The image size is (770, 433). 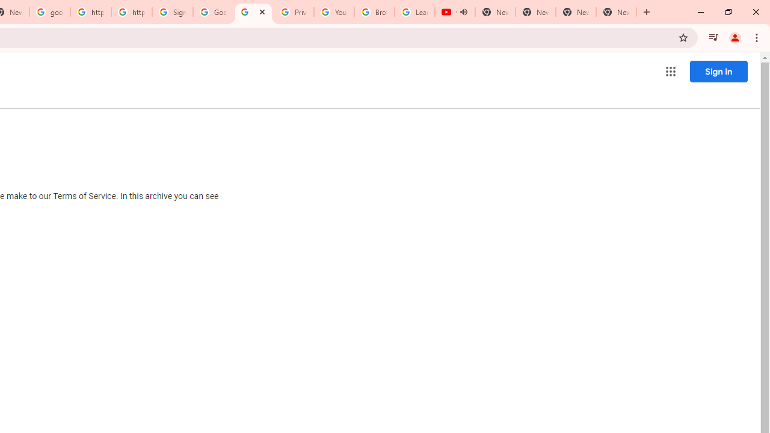 What do you see at coordinates (701, 12) in the screenshot?
I see `'Minimize'` at bounding box center [701, 12].